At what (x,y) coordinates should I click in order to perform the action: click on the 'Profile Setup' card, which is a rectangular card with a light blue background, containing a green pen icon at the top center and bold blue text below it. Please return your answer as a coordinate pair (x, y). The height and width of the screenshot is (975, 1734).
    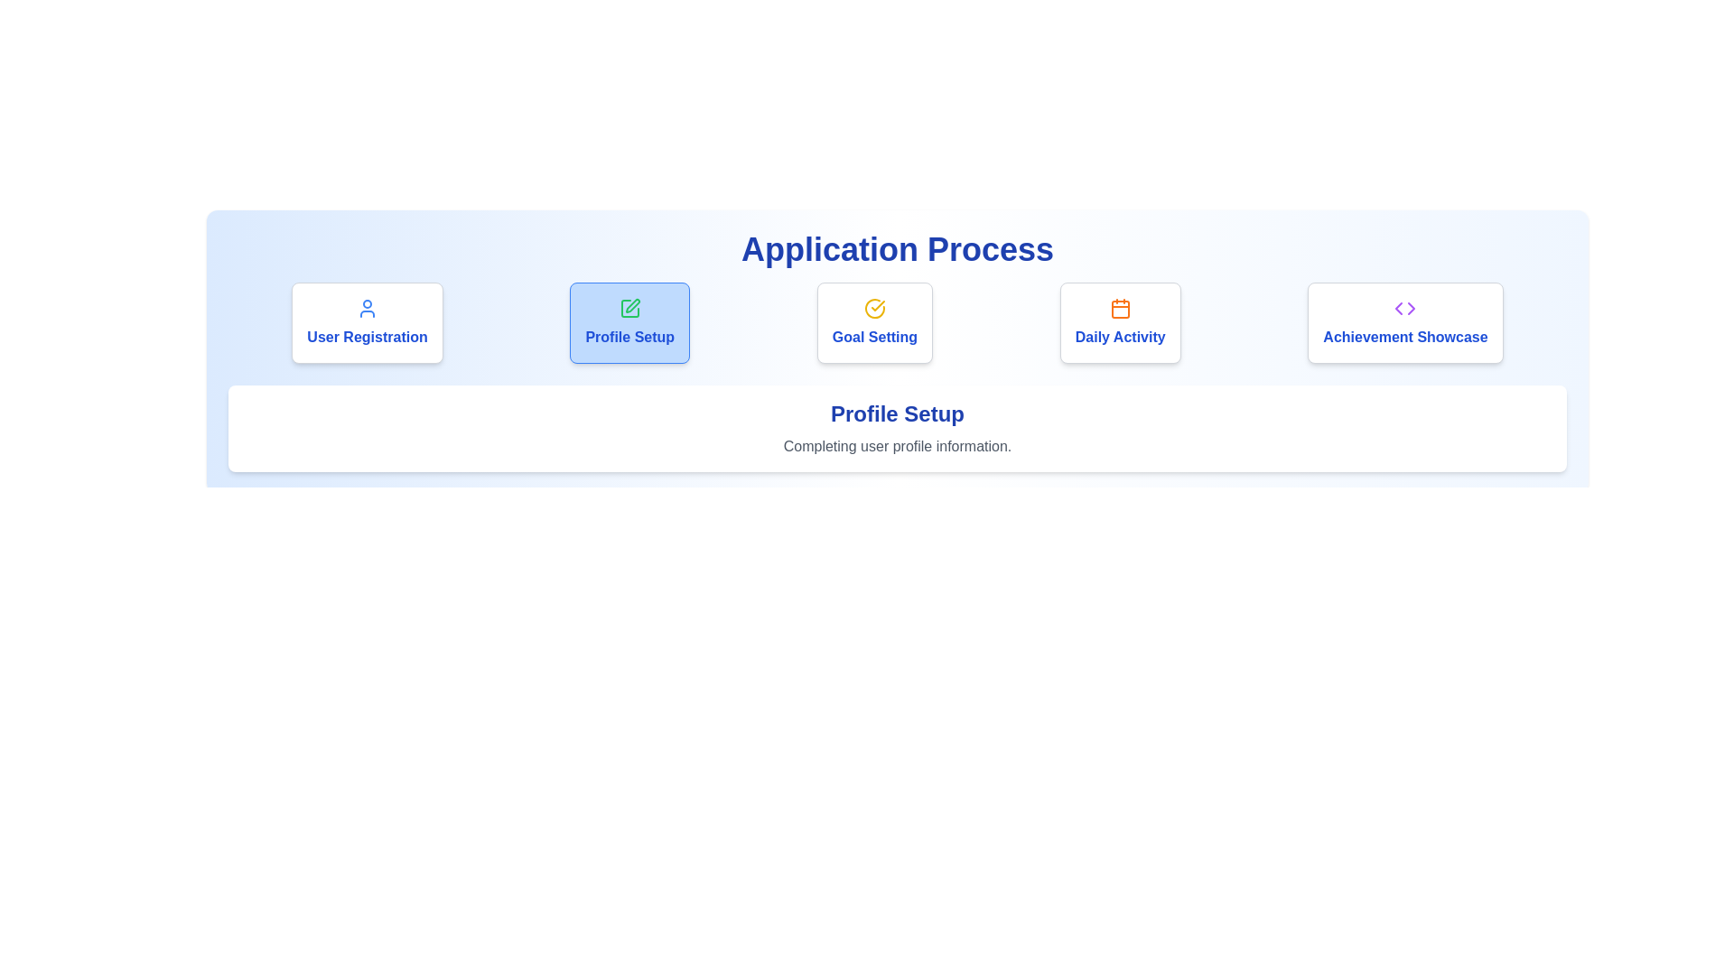
    Looking at the image, I should click on (629, 322).